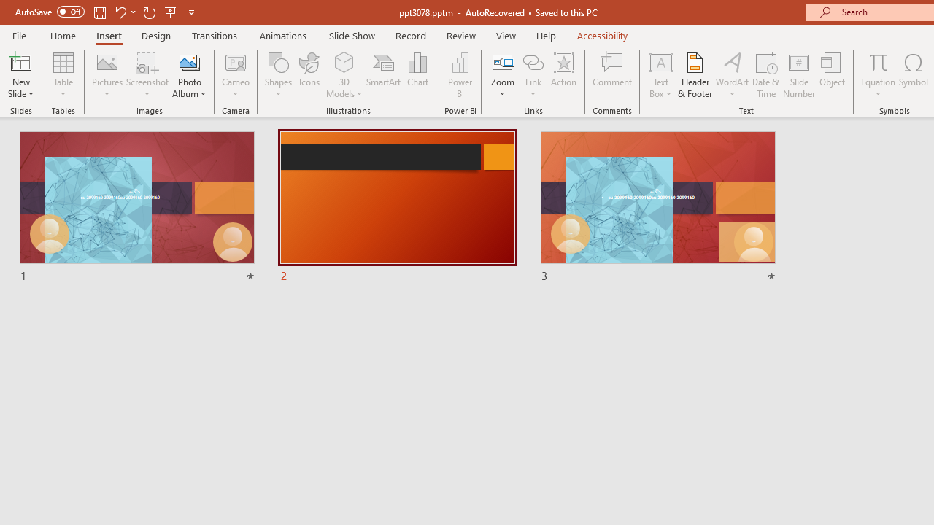  Describe the element at coordinates (460, 75) in the screenshot. I see `'Power BI'` at that location.